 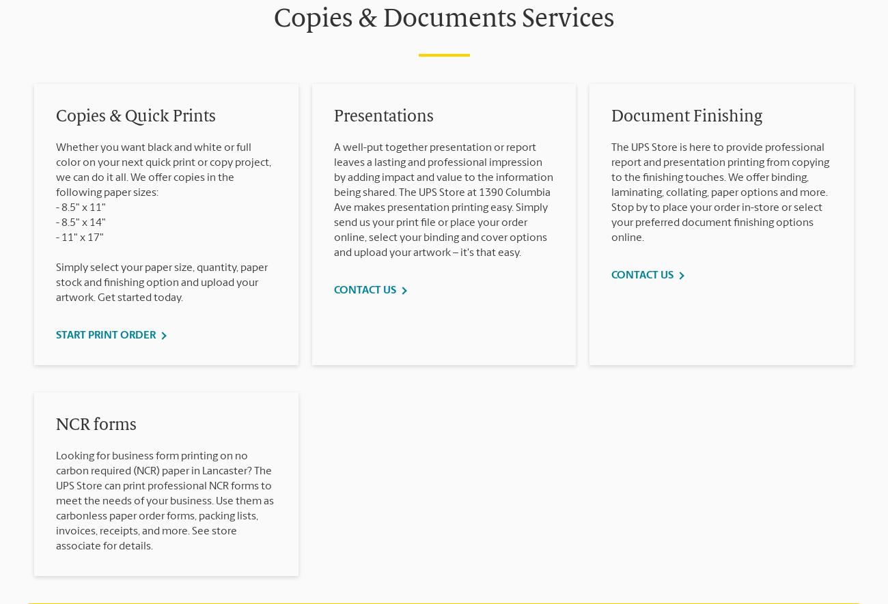 I want to click on 'The UPS Store is here to provide professional report and presentation printing from copying to the finishing touches.  We offer binding, laminating, collating, paper options and more. Stop by to place your order in-store or select your preferred document finishing options online.', so click(x=611, y=192).